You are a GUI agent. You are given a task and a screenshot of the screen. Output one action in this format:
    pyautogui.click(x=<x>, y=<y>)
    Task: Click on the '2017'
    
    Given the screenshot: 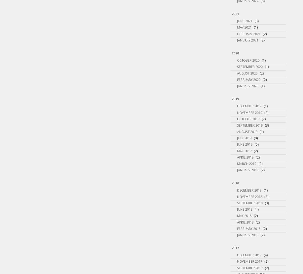 What is the action you would take?
    pyautogui.click(x=235, y=248)
    